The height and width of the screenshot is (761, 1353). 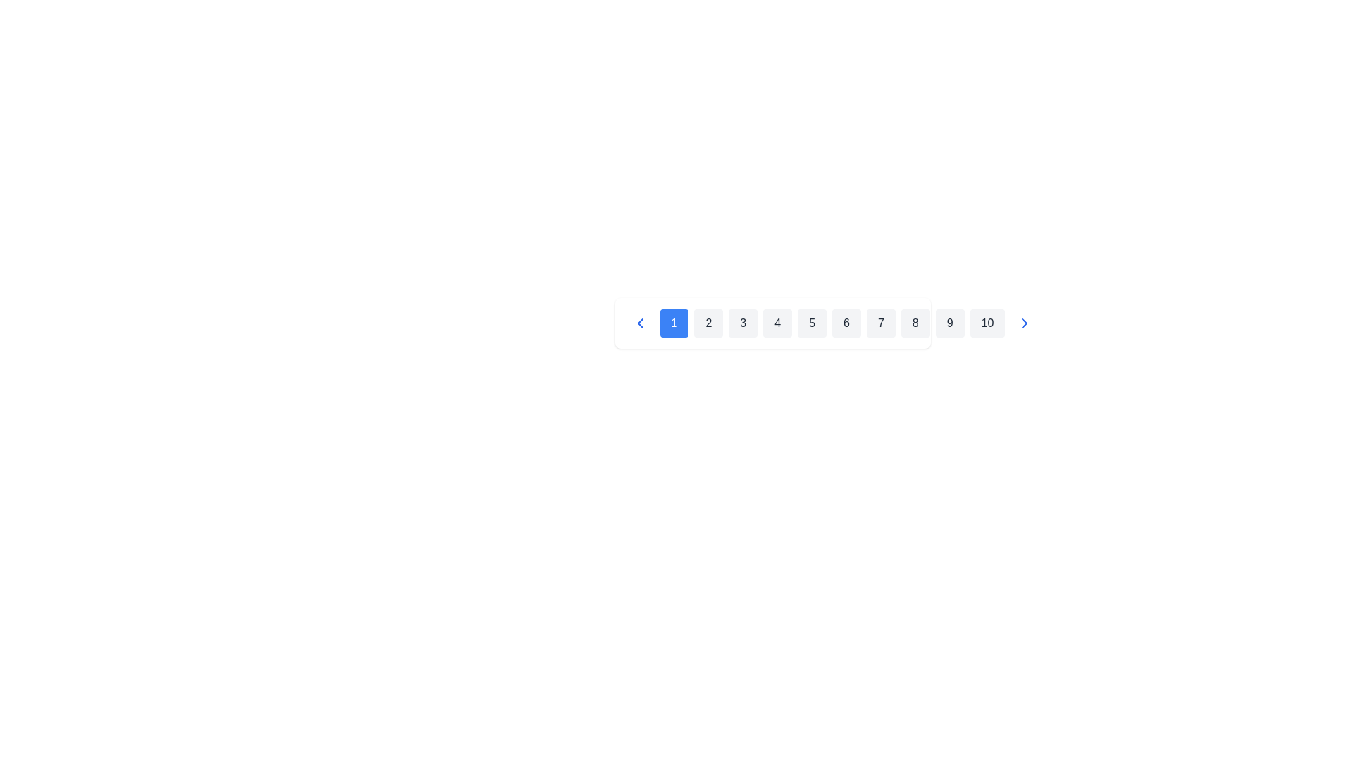 What do you see at coordinates (1025, 323) in the screenshot?
I see `the right-facing chevron button, which is styled in blue and located at the far right of the pagination interface, to trigger hover effects` at bounding box center [1025, 323].